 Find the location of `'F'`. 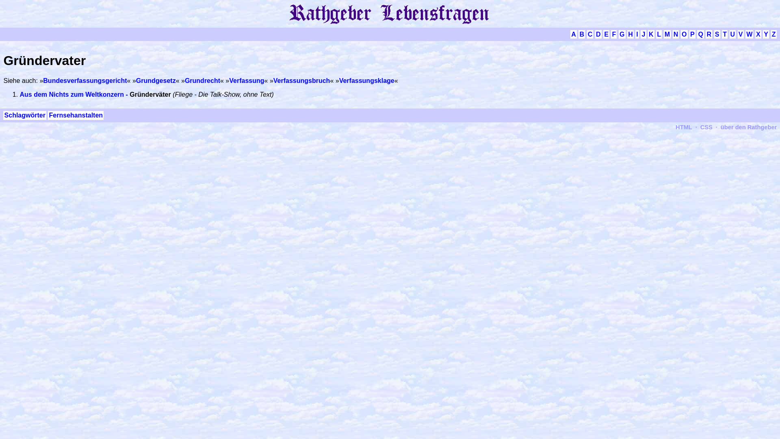

'F' is located at coordinates (614, 34).